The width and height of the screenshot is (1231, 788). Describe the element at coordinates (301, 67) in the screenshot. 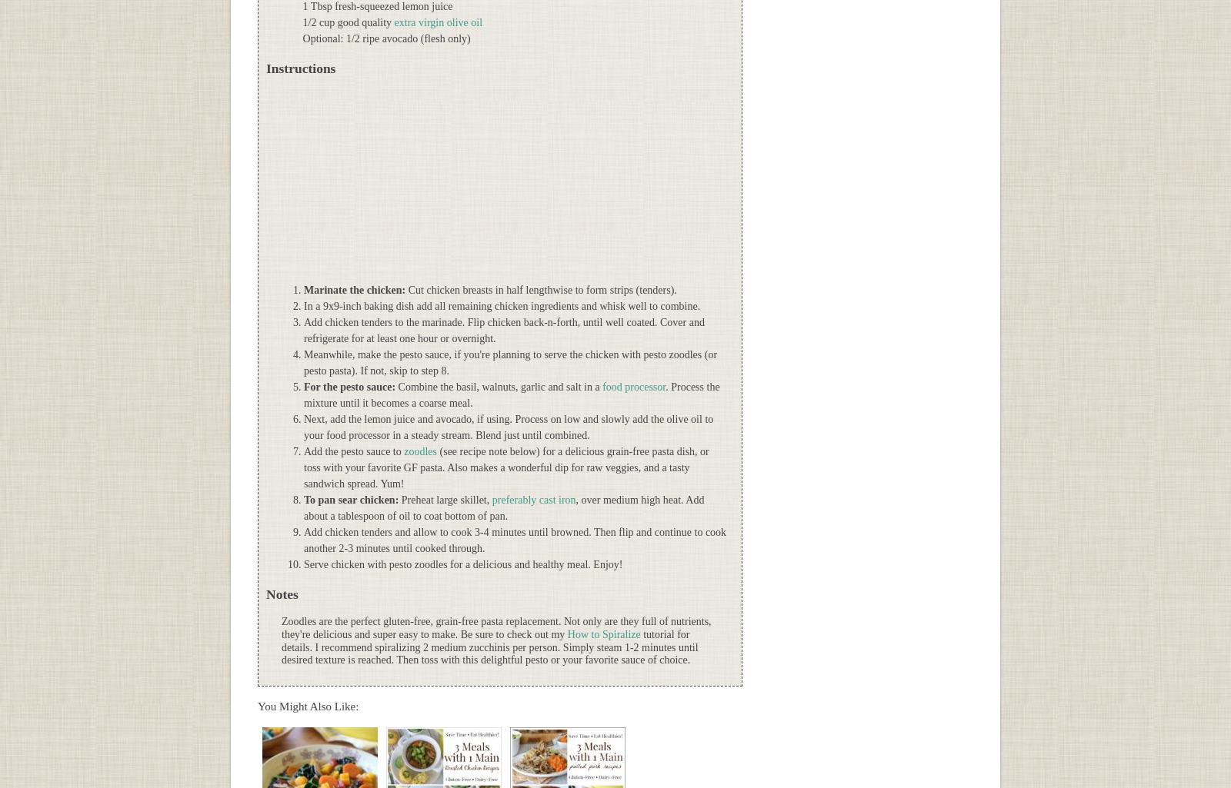

I see `'Instructions'` at that location.